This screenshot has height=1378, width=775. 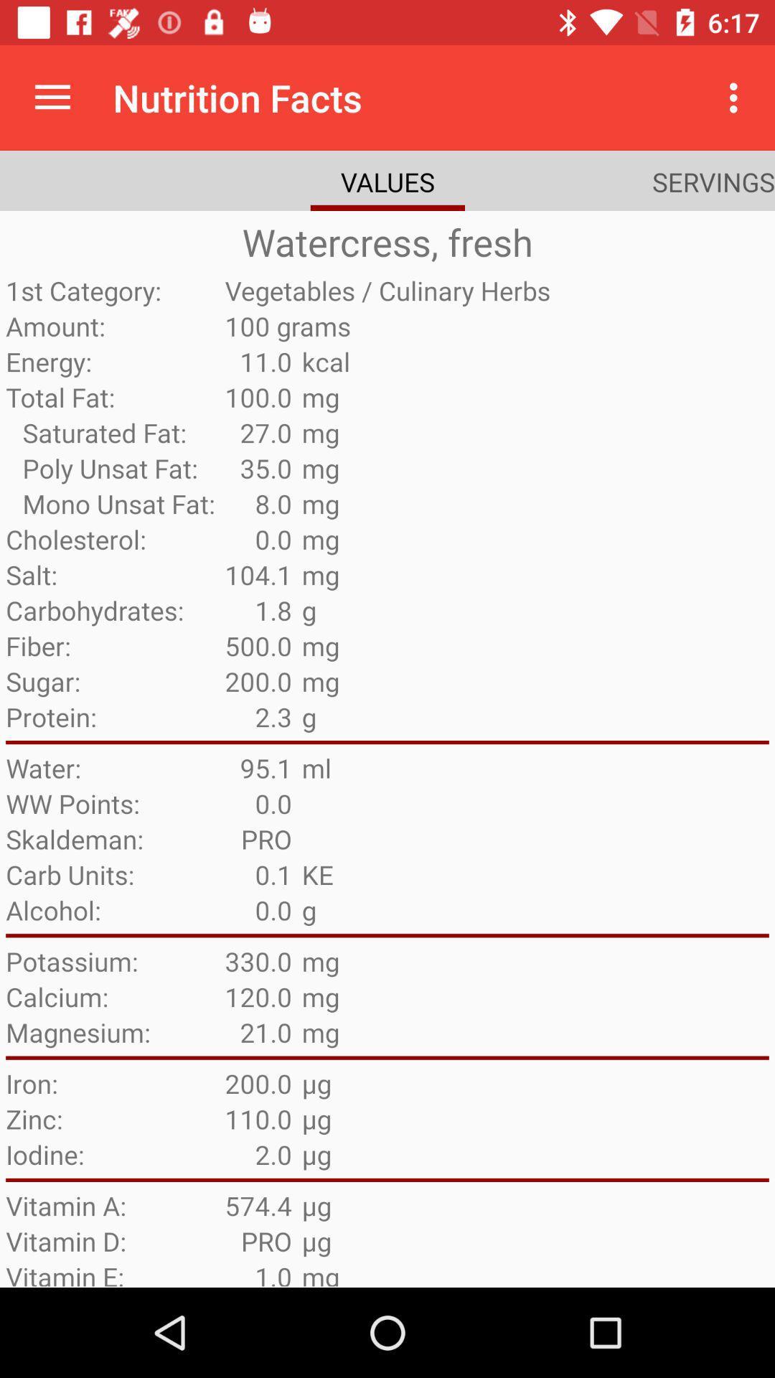 What do you see at coordinates (52, 97) in the screenshot?
I see `item to the left of the nutrition facts icon` at bounding box center [52, 97].